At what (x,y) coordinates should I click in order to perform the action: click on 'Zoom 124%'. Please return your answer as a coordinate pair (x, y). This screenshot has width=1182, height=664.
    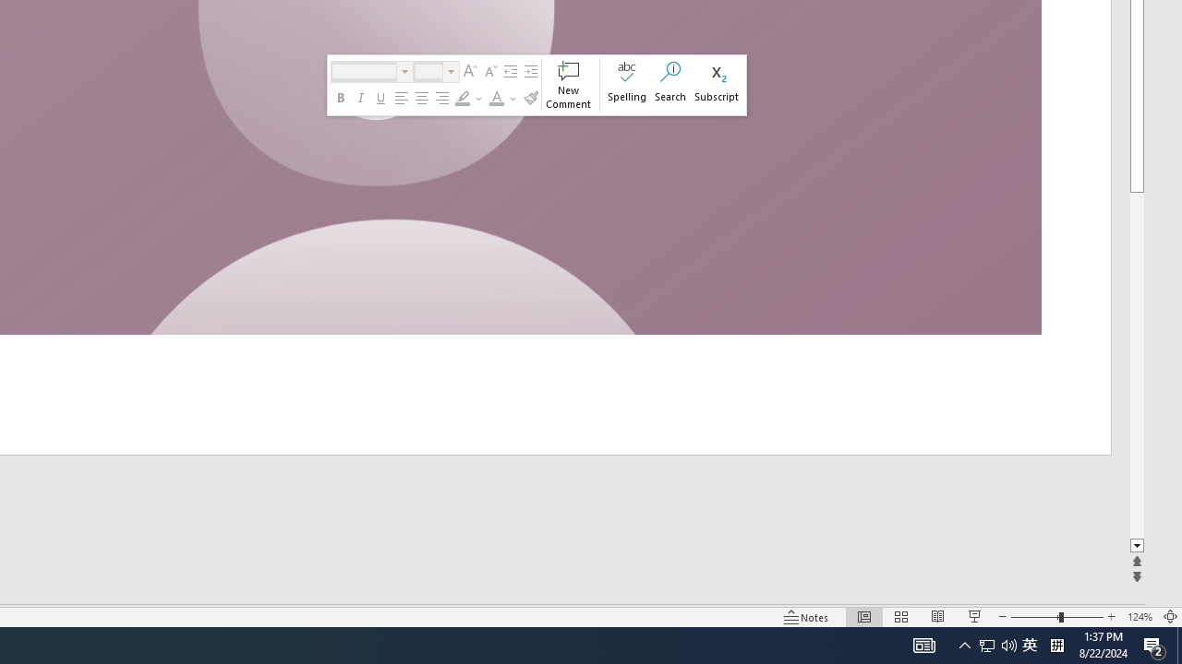
    Looking at the image, I should click on (1139, 617).